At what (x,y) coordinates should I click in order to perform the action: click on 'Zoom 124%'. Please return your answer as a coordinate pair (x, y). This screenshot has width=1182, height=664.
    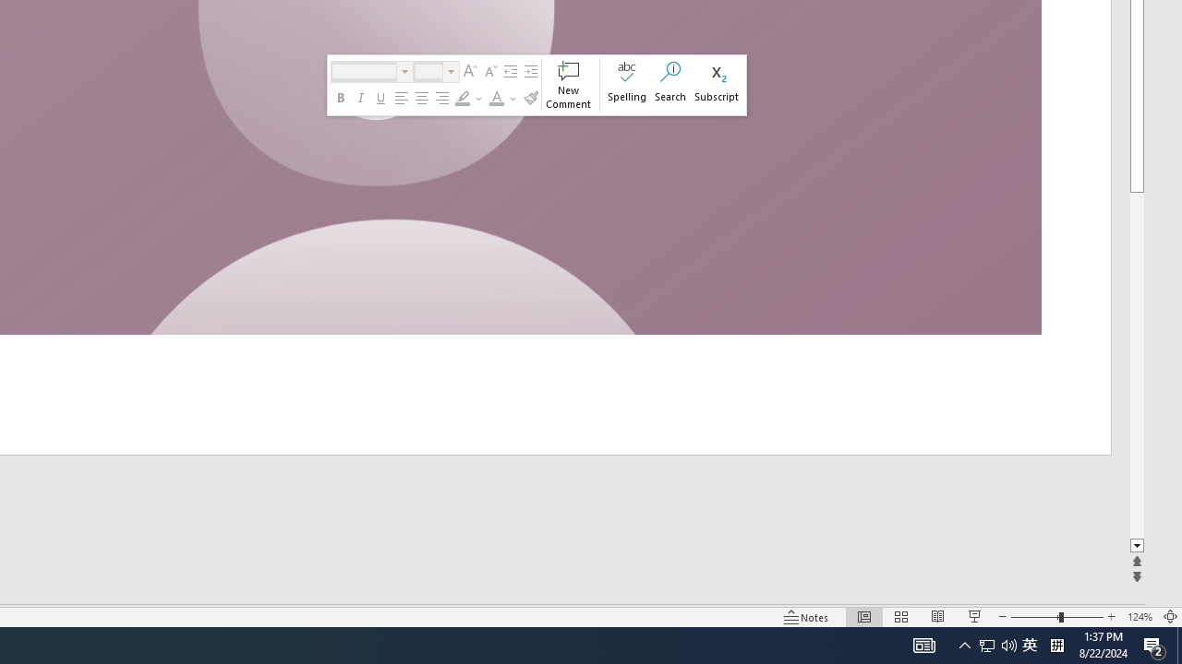
    Looking at the image, I should click on (1139, 617).